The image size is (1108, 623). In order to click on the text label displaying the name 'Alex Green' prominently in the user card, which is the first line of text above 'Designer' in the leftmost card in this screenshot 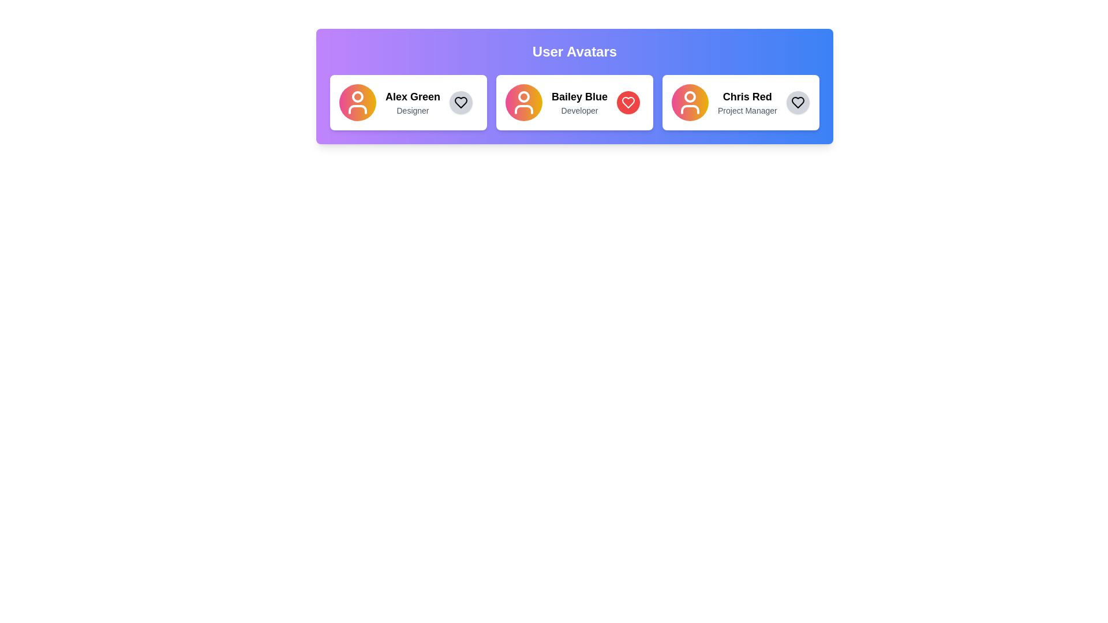, I will do `click(413, 96)`.